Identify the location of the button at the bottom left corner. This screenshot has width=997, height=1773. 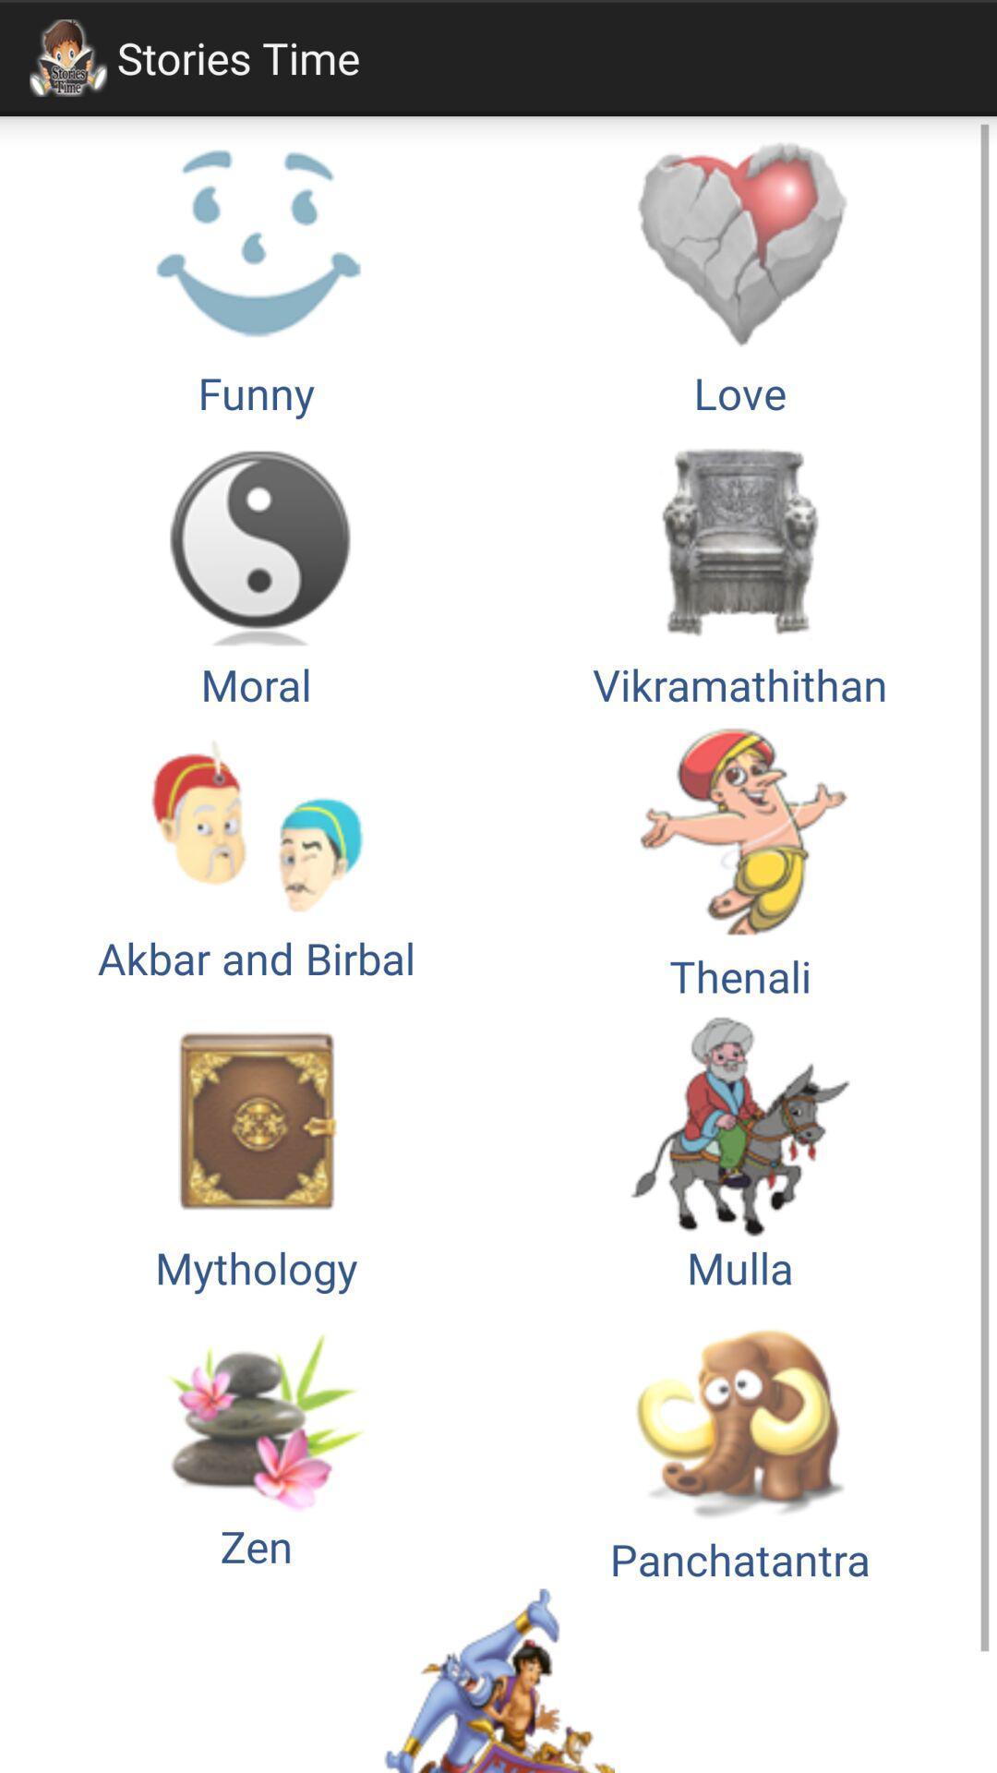
(256, 1441).